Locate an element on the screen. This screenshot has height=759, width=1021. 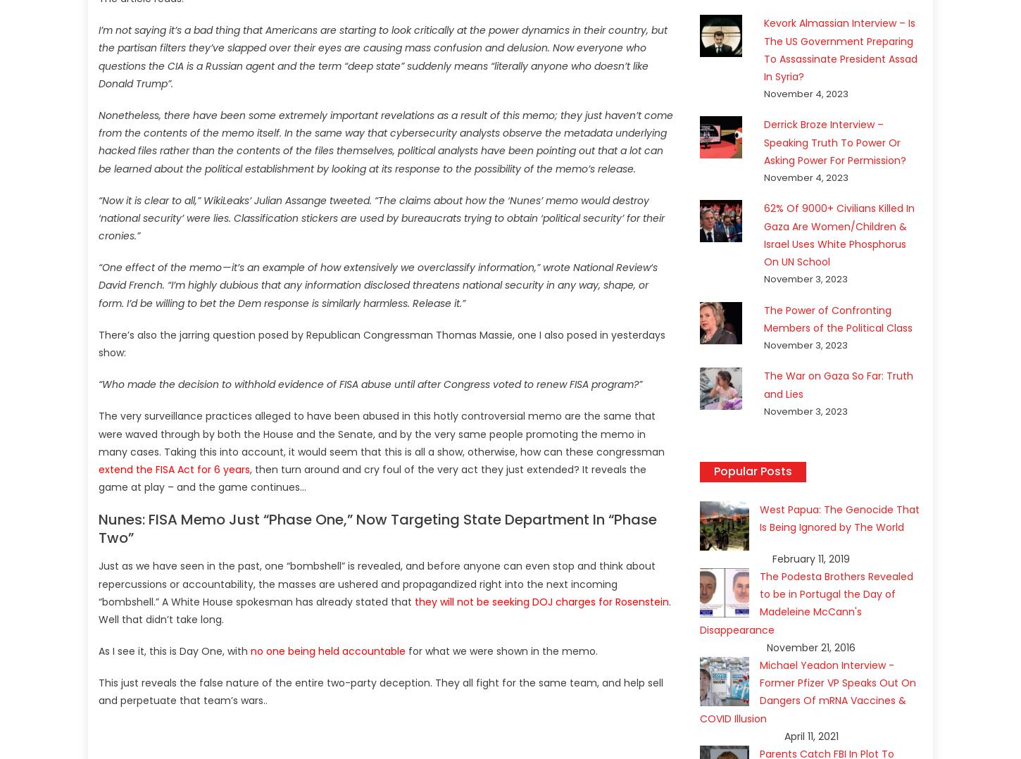
'Kevork Almassian Interview – Is The US Government Preparing To Assassinate President Assad In Syria?' is located at coordinates (839, 49).